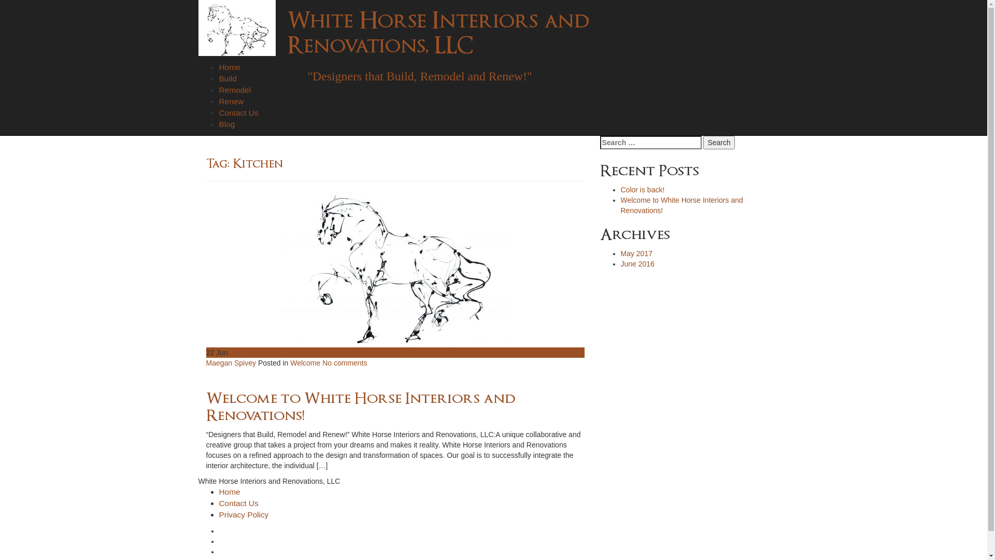 The image size is (995, 560). Describe the element at coordinates (438, 33) in the screenshot. I see `'White Horse Interiors and Renovations, LLC'` at that location.